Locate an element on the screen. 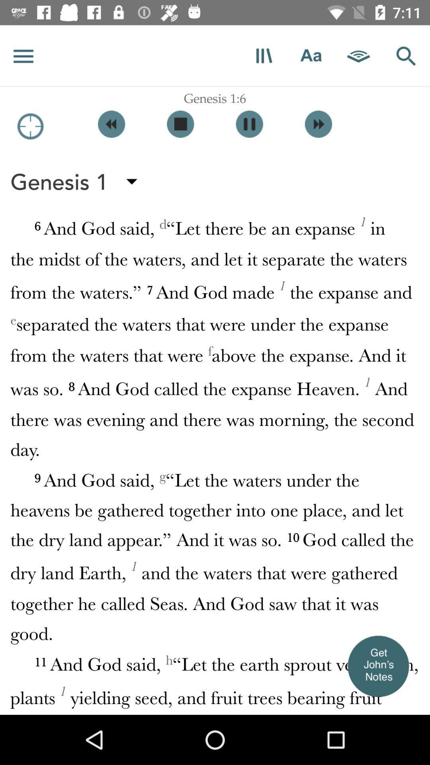 This screenshot has height=765, width=430. stop toggle is located at coordinates (180, 124).